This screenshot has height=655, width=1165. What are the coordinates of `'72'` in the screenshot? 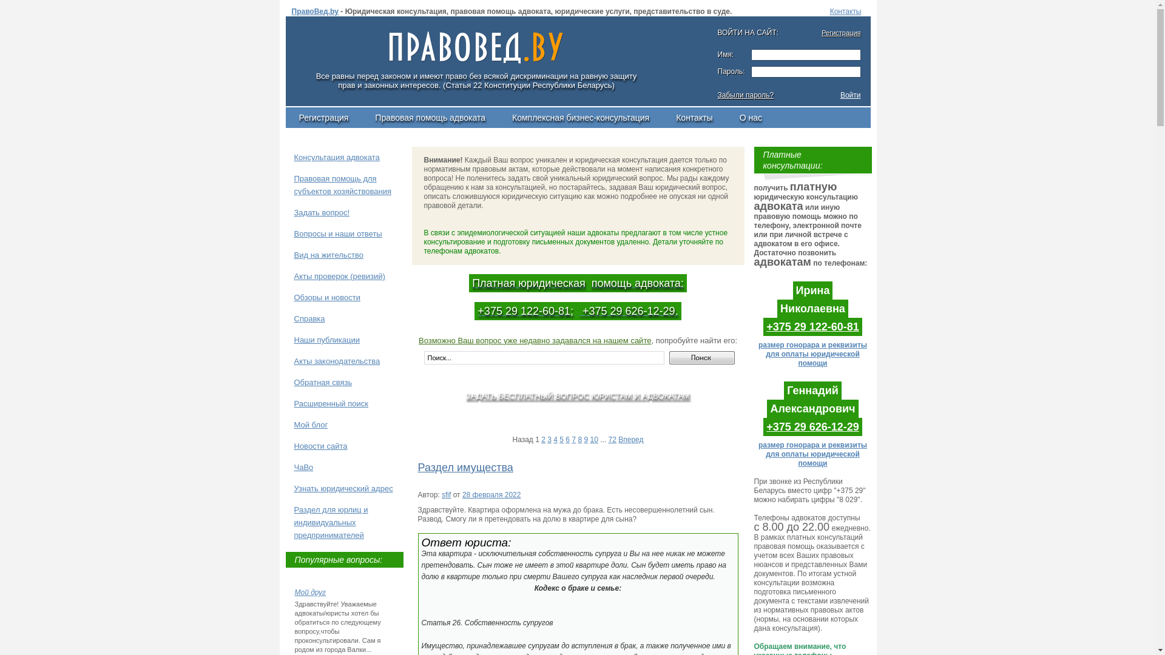 It's located at (612, 440).